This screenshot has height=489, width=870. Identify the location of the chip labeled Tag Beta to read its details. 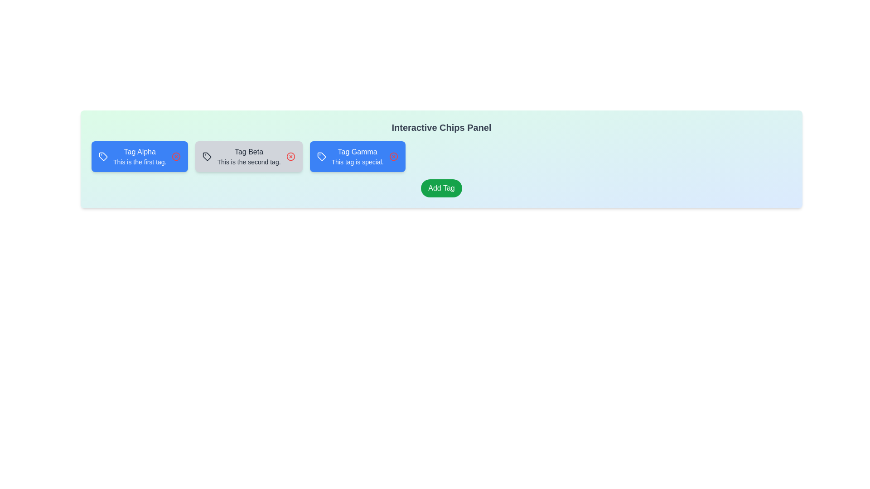
(248, 156).